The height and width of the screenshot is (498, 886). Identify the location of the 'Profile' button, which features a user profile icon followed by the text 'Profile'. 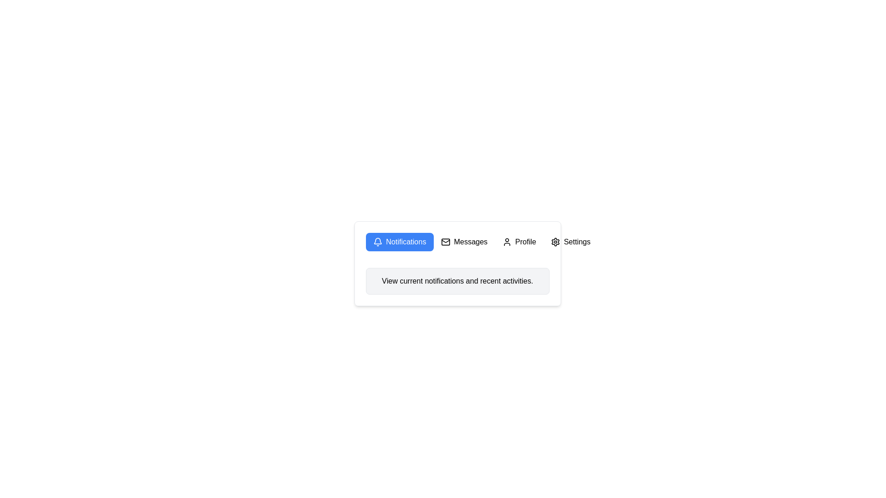
(519, 241).